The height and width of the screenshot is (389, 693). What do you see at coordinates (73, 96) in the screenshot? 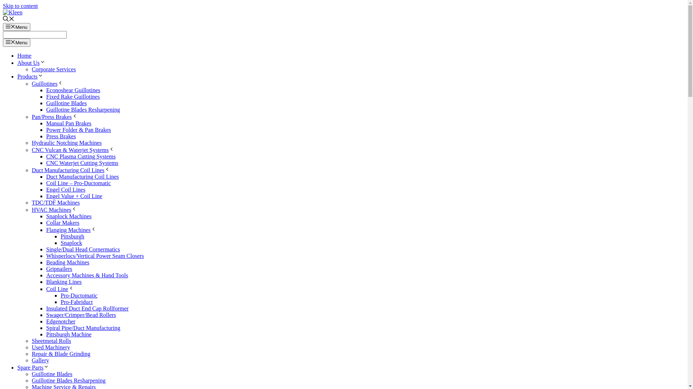
I see `'Fixed Rake Guillotines'` at bounding box center [73, 96].